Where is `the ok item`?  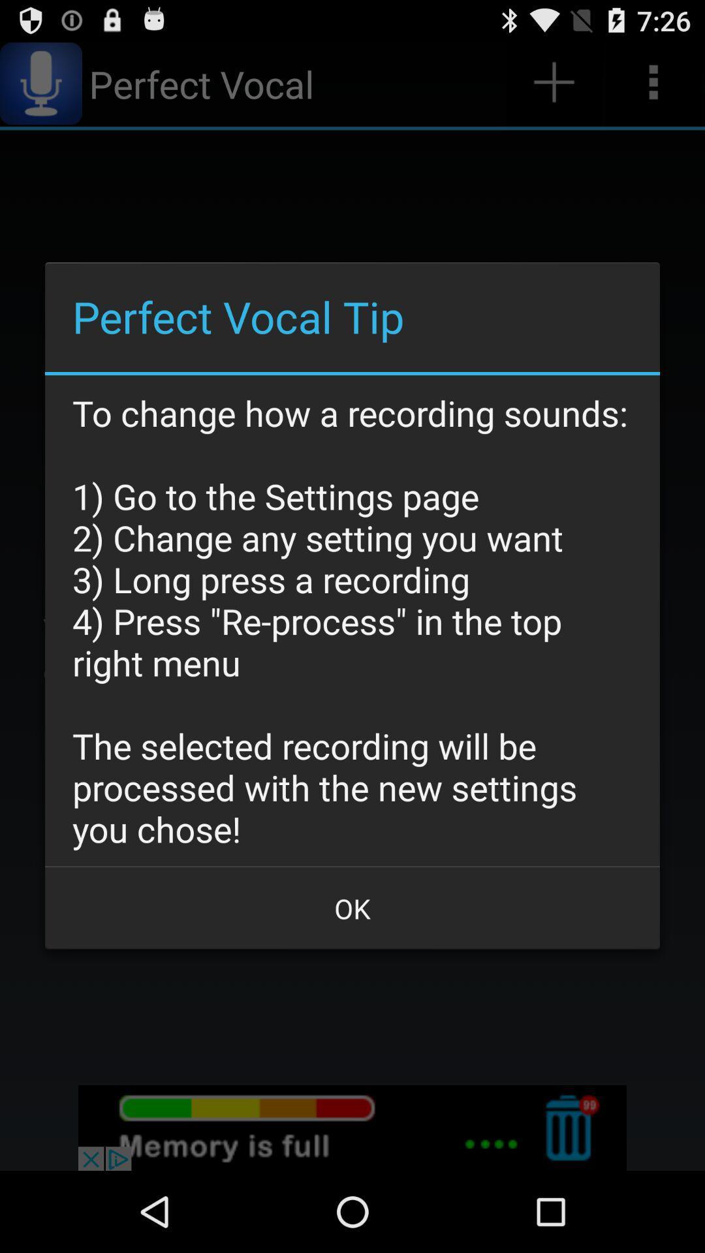
the ok item is located at coordinates (352, 908).